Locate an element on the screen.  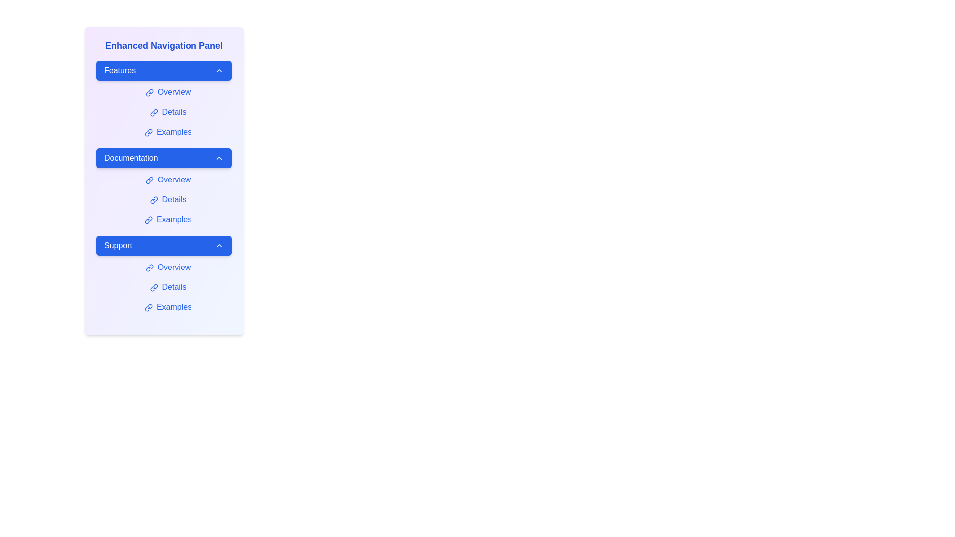
the link icon, which is the upper segment of an interlinked design located in the navigation sidebar under the 'Examples' subcategory of the 'Support' section is located at coordinates (149, 306).